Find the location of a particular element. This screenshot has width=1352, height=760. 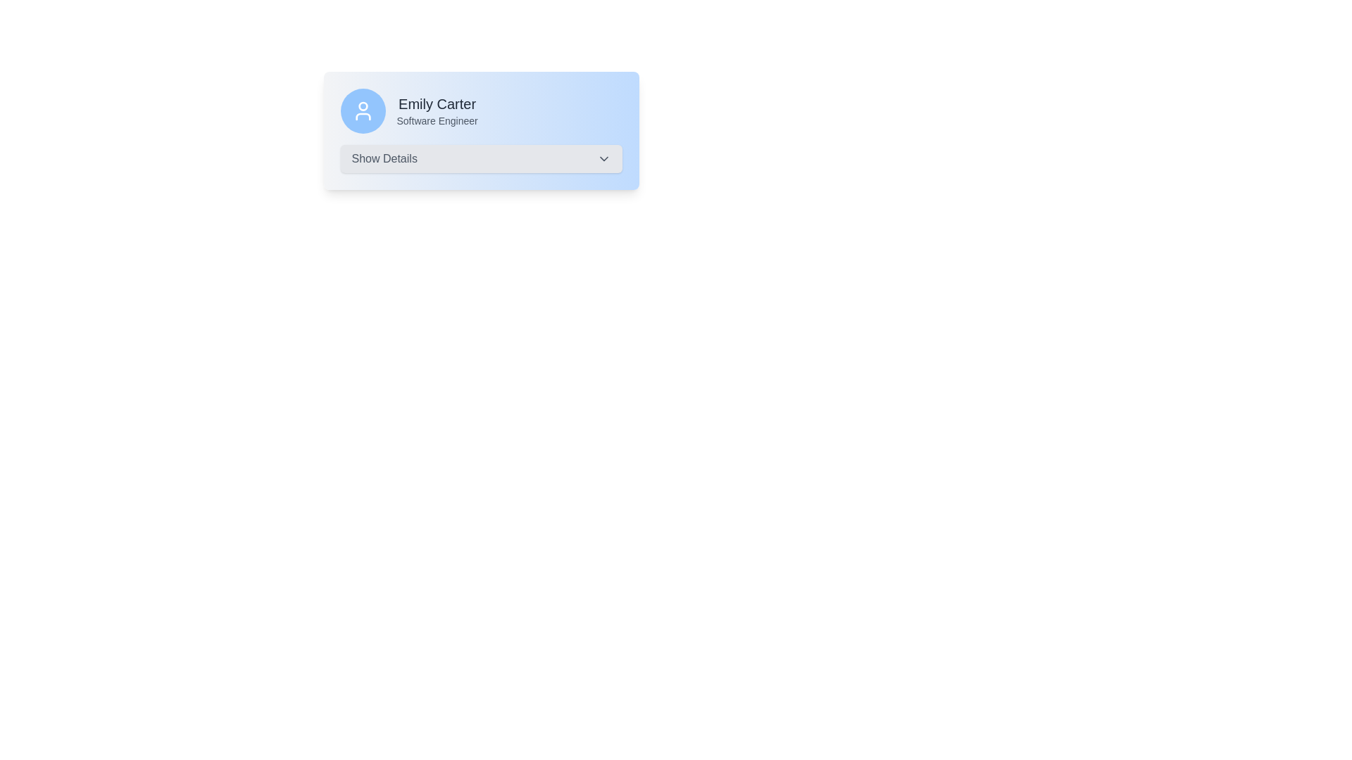

the avatar icon located to the left of the text 'Emily Carter', which represents the user's profile is located at coordinates (363, 110).